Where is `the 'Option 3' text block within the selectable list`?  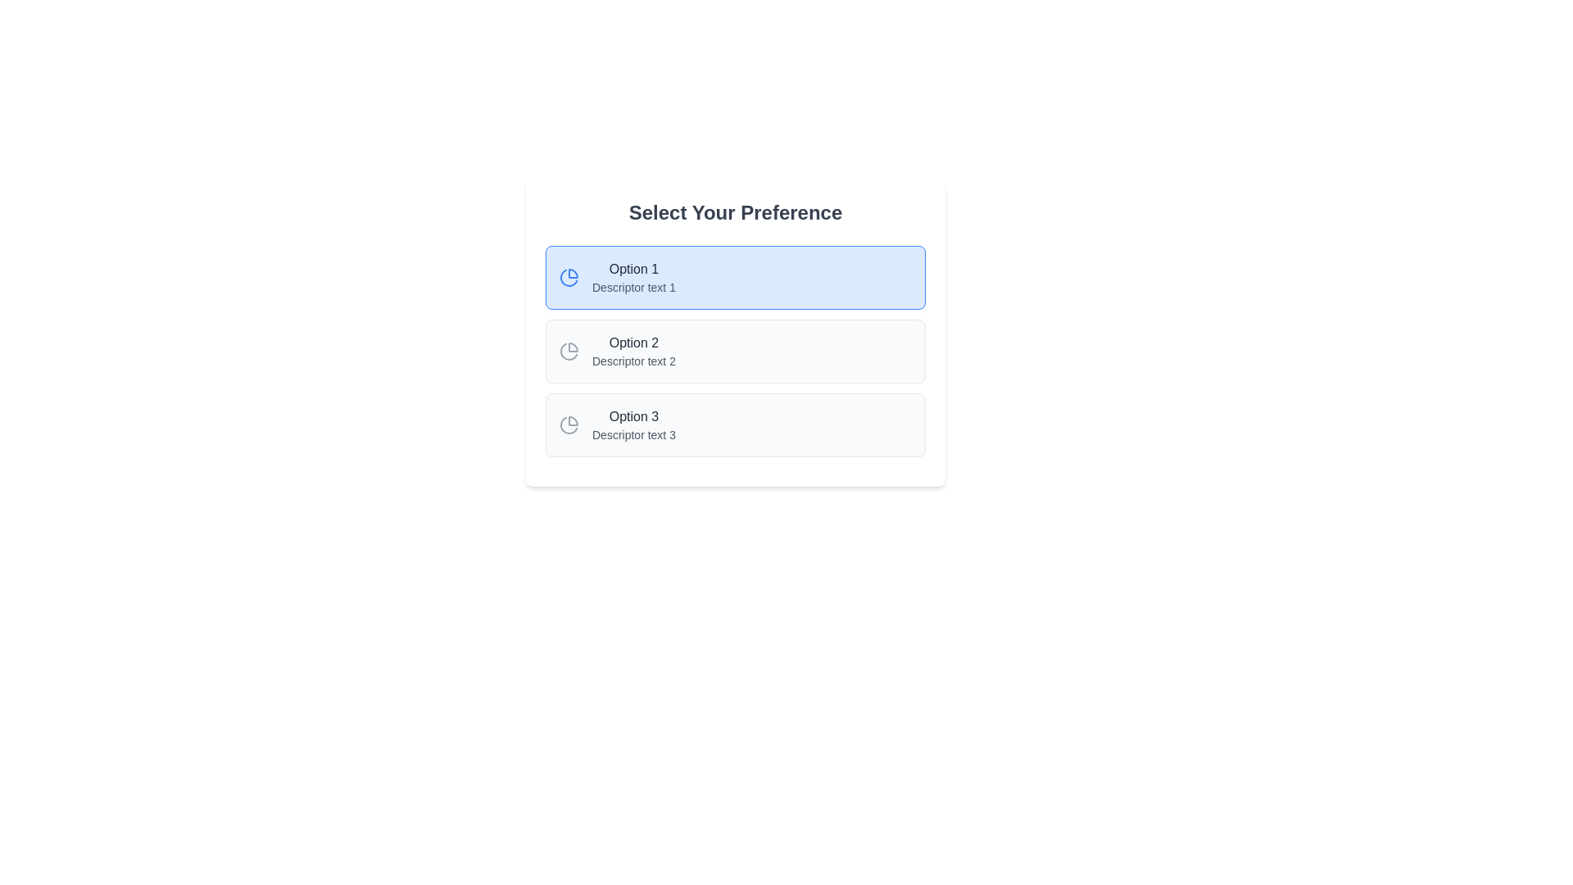
the 'Option 3' text block within the selectable list is located at coordinates (632, 424).